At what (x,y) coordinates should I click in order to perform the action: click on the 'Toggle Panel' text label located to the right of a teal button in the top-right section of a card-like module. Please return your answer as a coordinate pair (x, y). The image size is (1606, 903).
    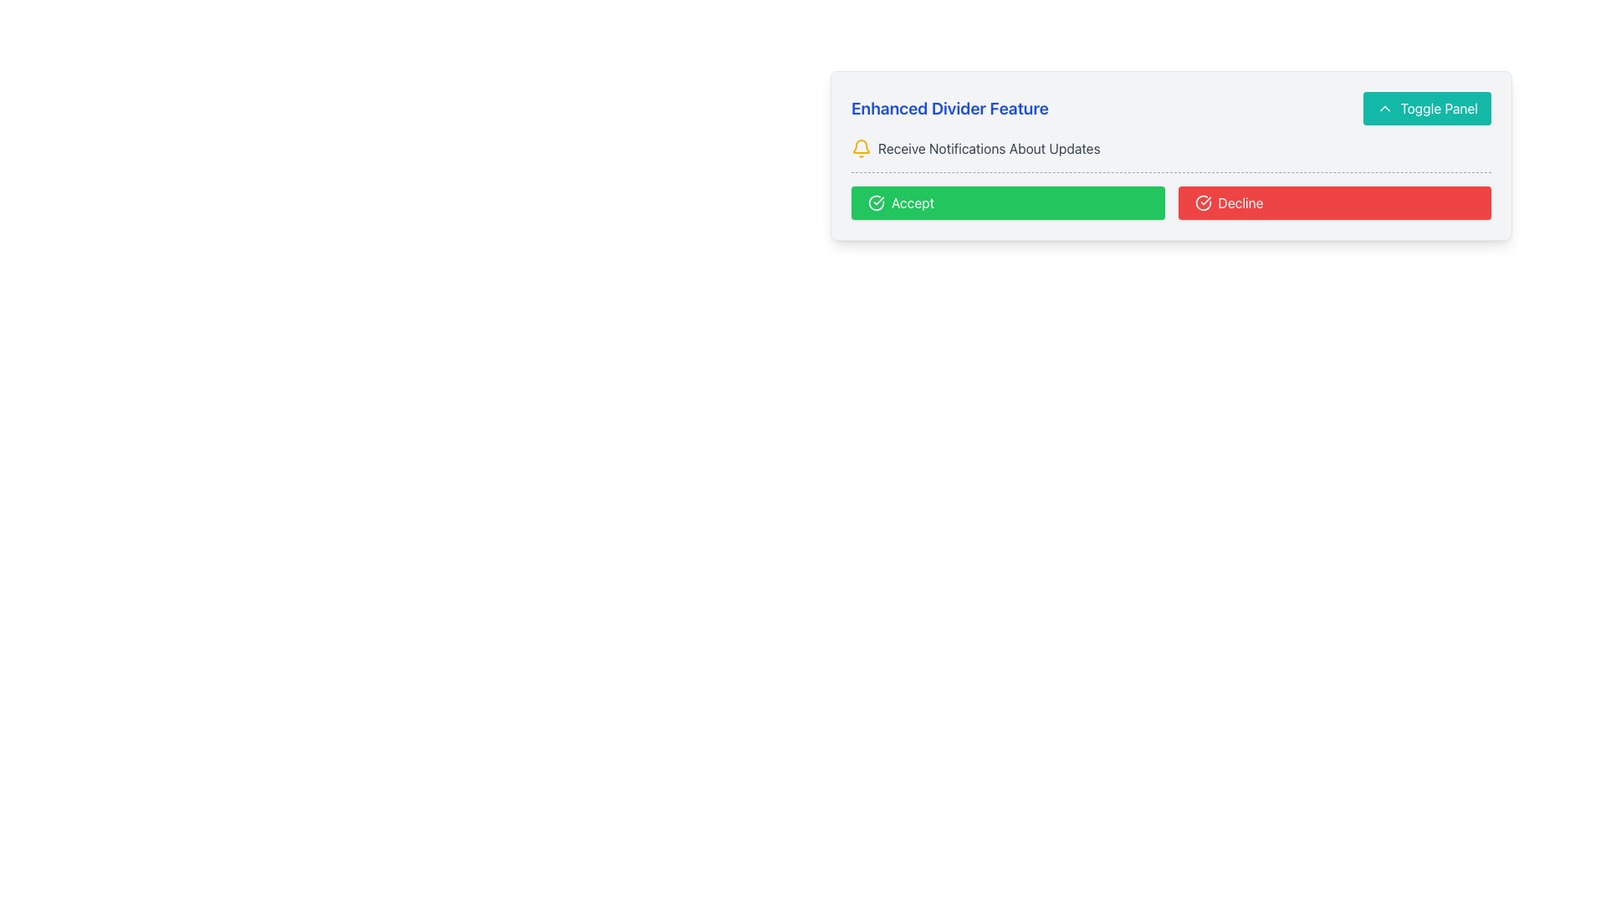
    Looking at the image, I should click on (1438, 109).